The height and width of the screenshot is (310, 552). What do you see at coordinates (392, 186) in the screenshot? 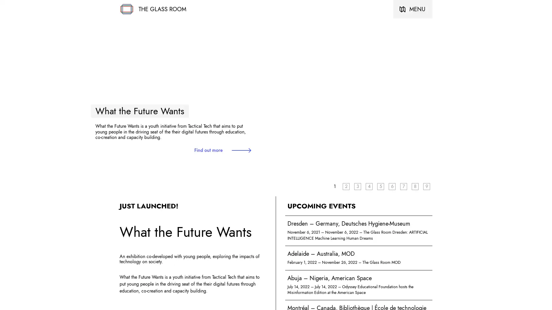
I see `slide item 6` at bounding box center [392, 186].